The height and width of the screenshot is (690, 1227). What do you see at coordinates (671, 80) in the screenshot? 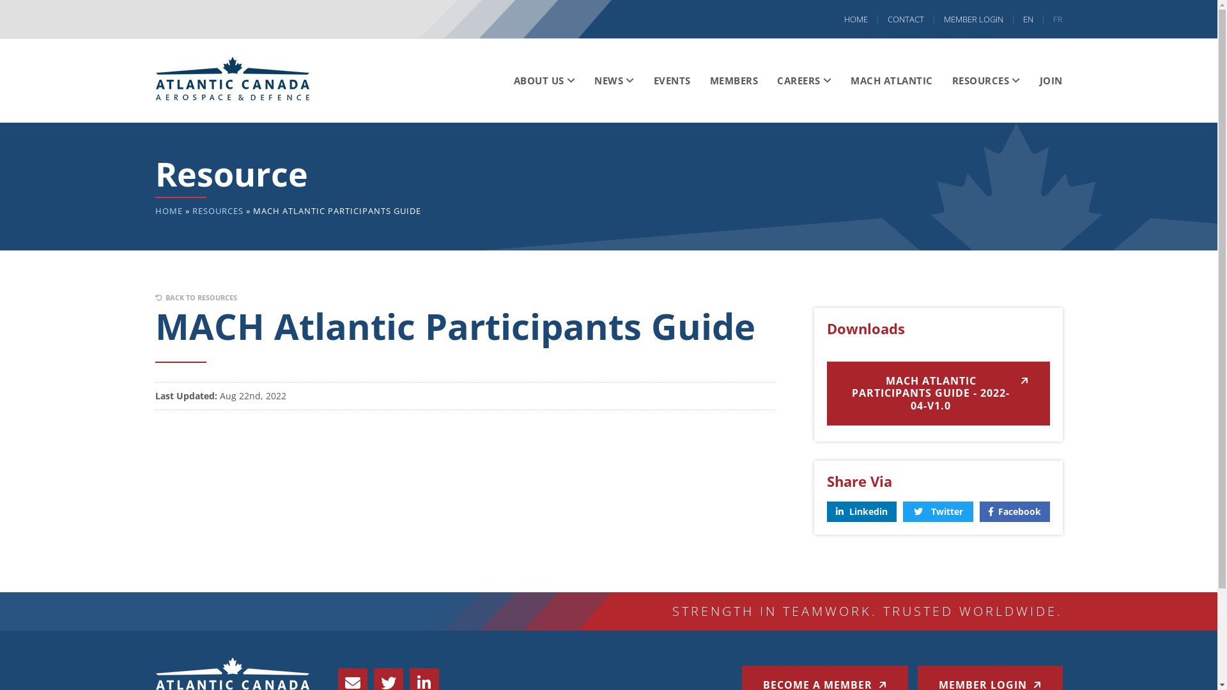
I see `'EVENTS'` at bounding box center [671, 80].